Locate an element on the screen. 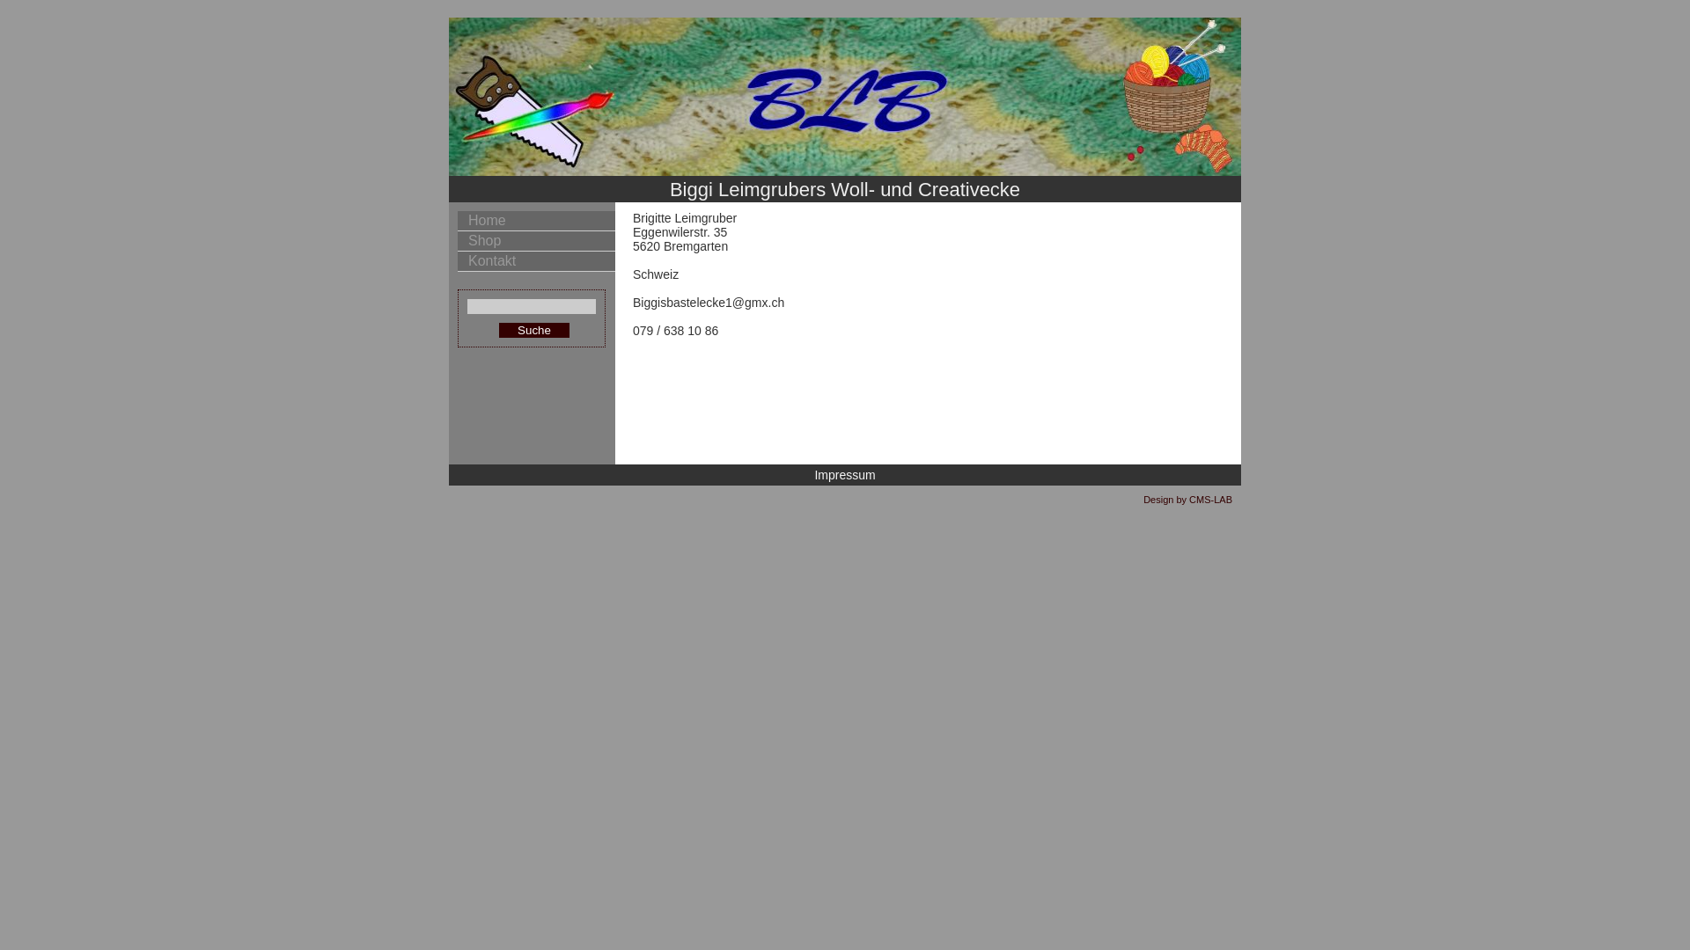 Image resolution: width=1690 pixels, height=950 pixels. 'Design by CMS-LAB' is located at coordinates (1143, 499).